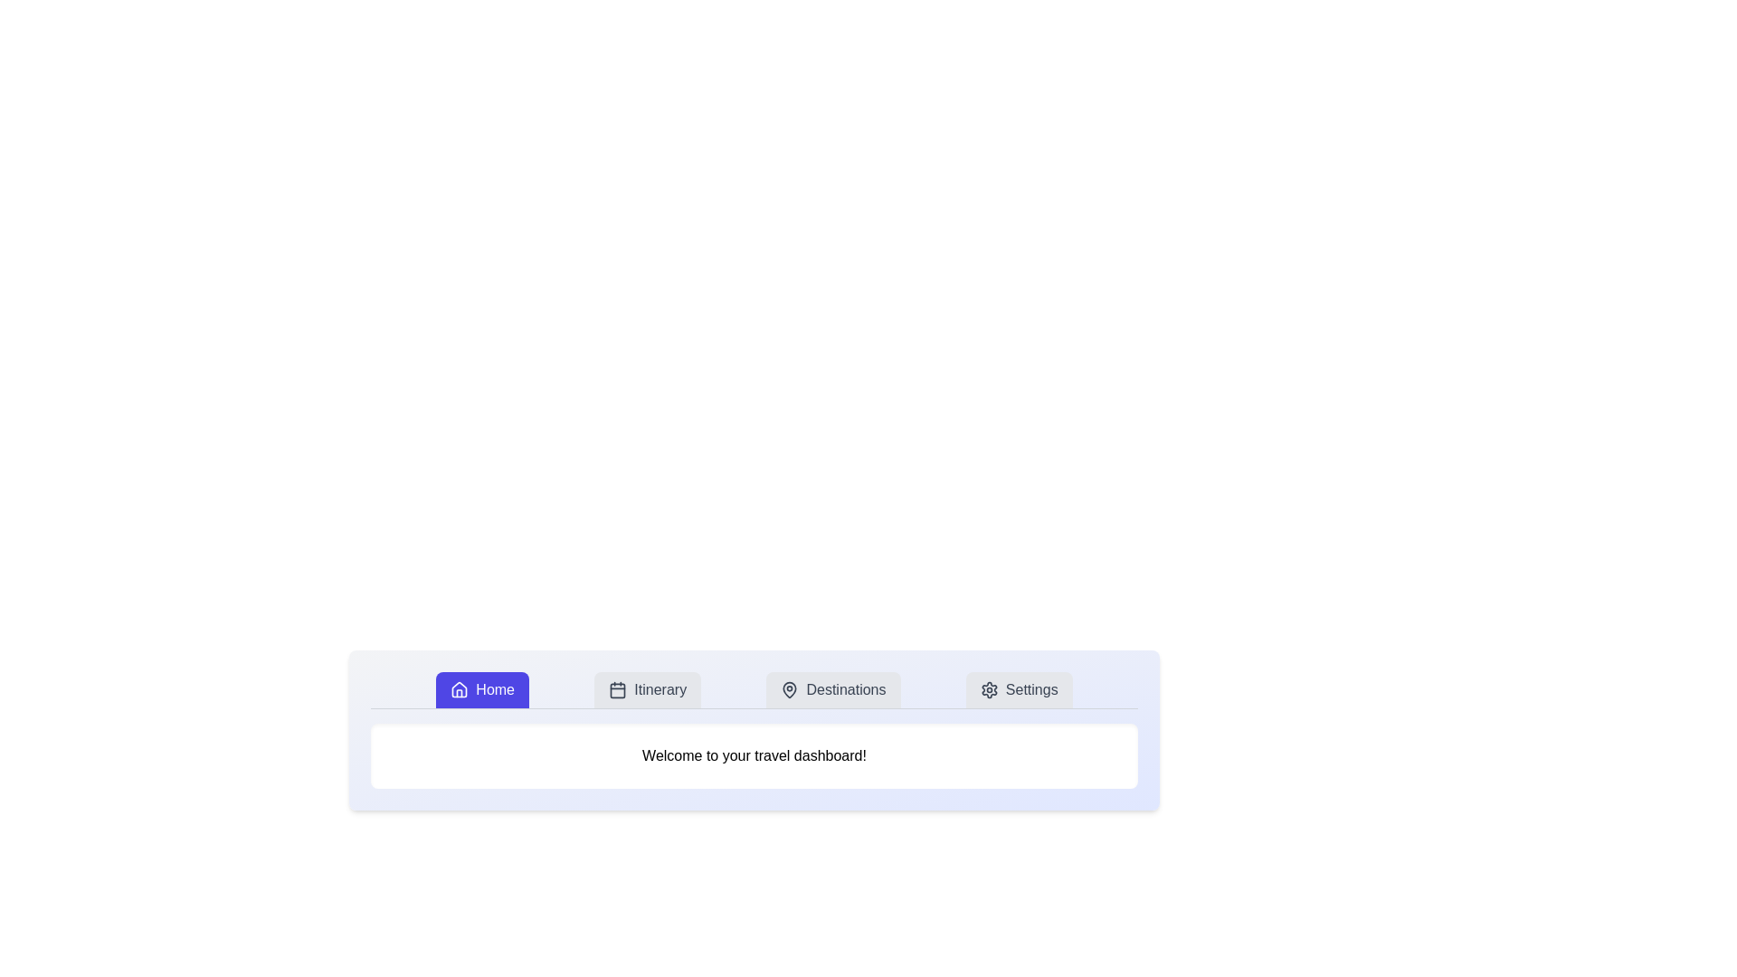  Describe the element at coordinates (1019, 690) in the screenshot. I see `the settings button located at the rightmost of the button group in the header section` at that location.